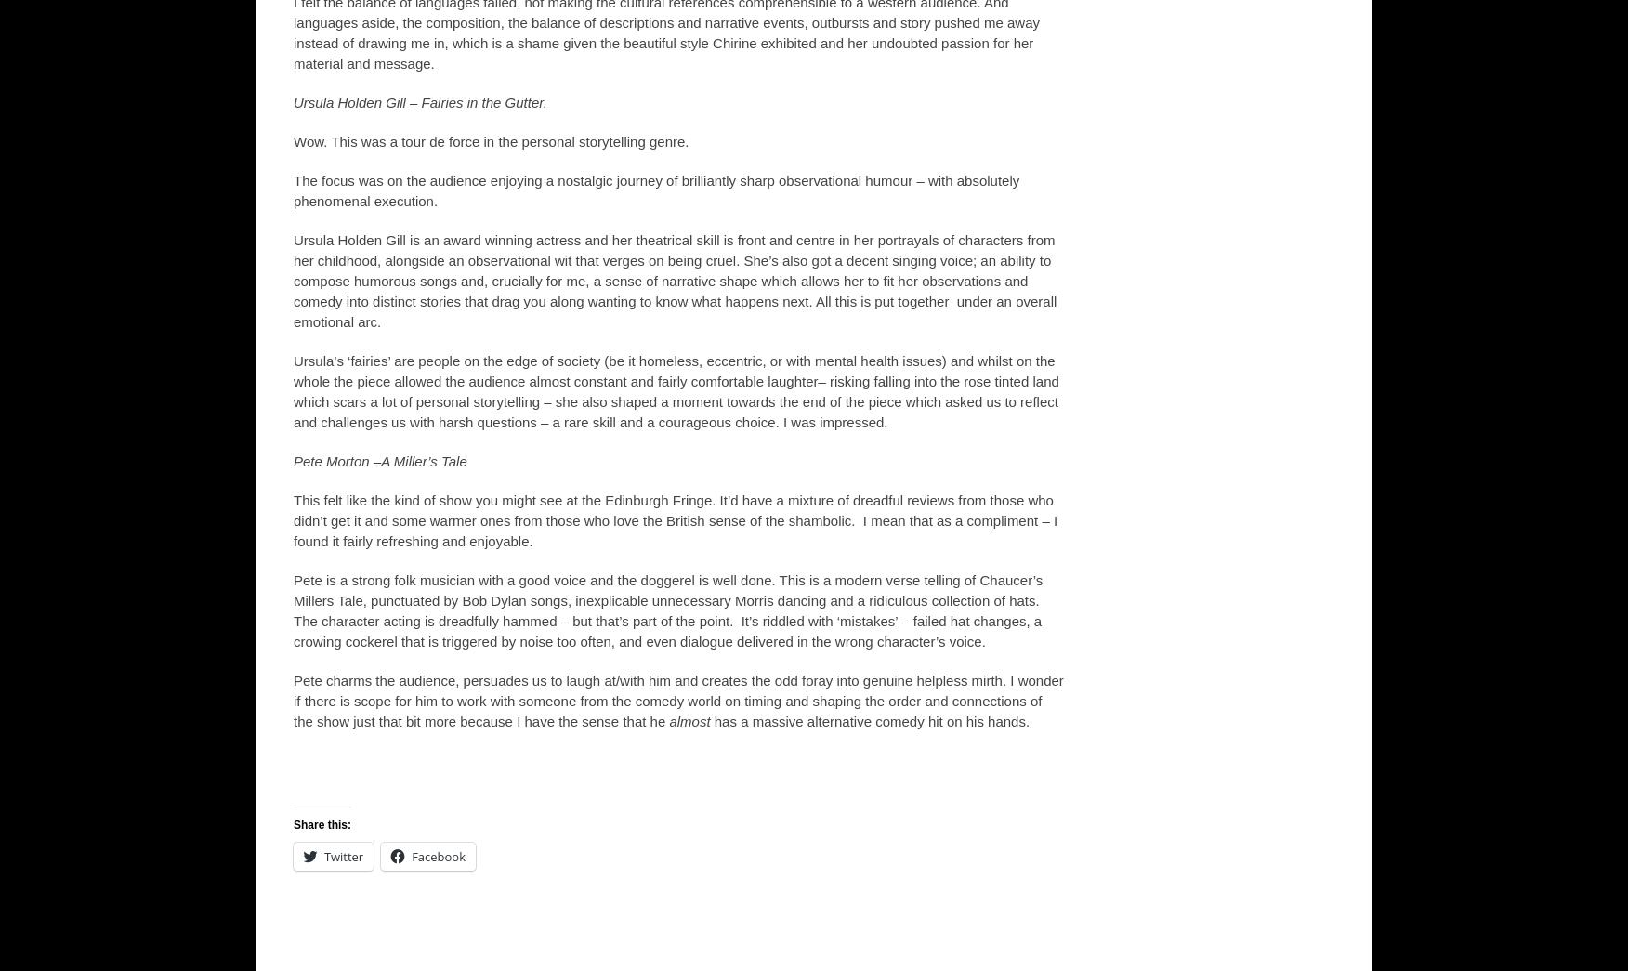 The height and width of the screenshot is (971, 1628). I want to click on 'has a massive alternative comedy hit on his hands.', so click(710, 721).